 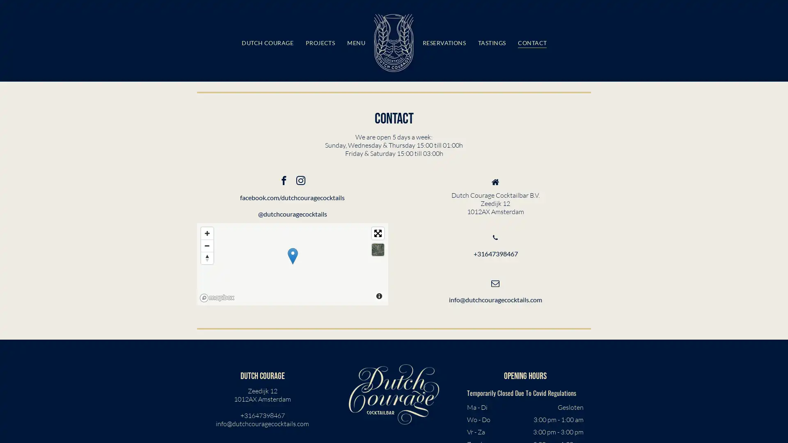 I want to click on Zoom out, so click(x=207, y=244).